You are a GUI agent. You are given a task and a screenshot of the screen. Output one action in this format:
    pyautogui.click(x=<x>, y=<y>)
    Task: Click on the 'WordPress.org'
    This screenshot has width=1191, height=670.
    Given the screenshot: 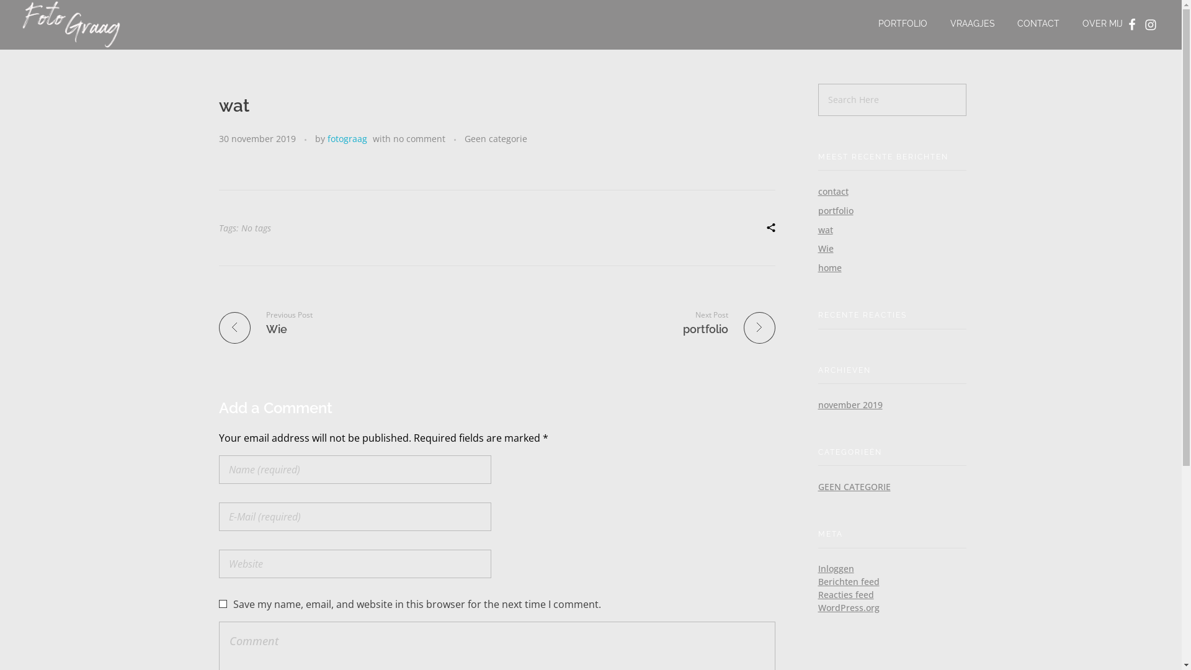 What is the action you would take?
    pyautogui.click(x=847, y=607)
    